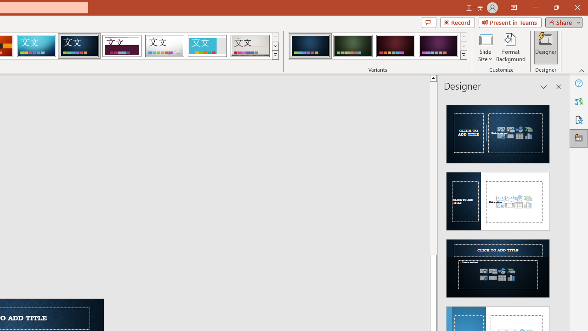 The image size is (588, 331). What do you see at coordinates (485, 47) in the screenshot?
I see `'Slide Size'` at bounding box center [485, 47].